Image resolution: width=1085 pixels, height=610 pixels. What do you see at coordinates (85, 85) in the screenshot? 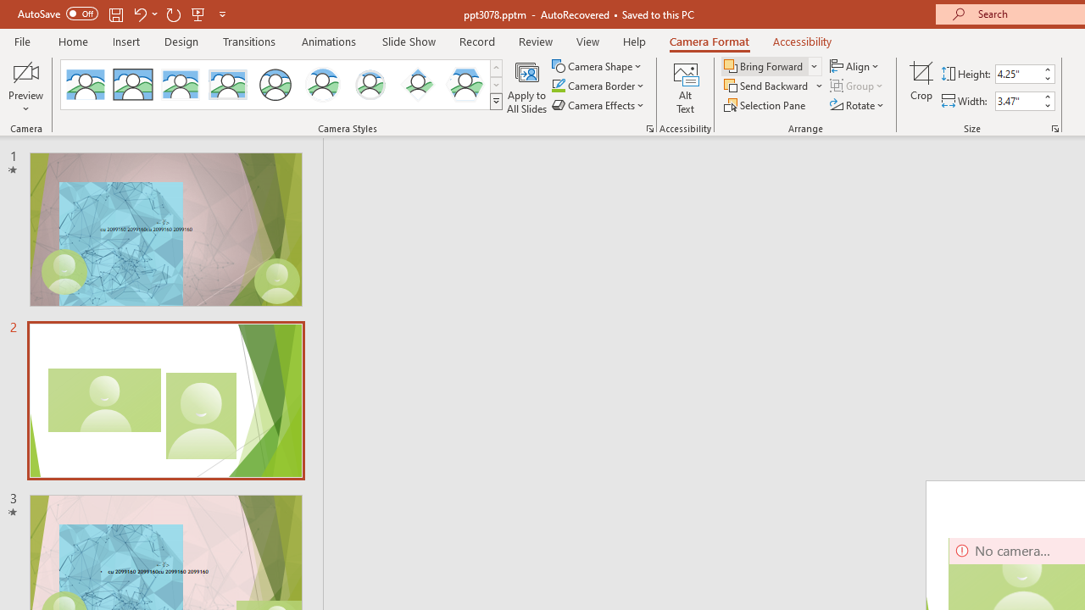
I see `'No Style'` at bounding box center [85, 85].